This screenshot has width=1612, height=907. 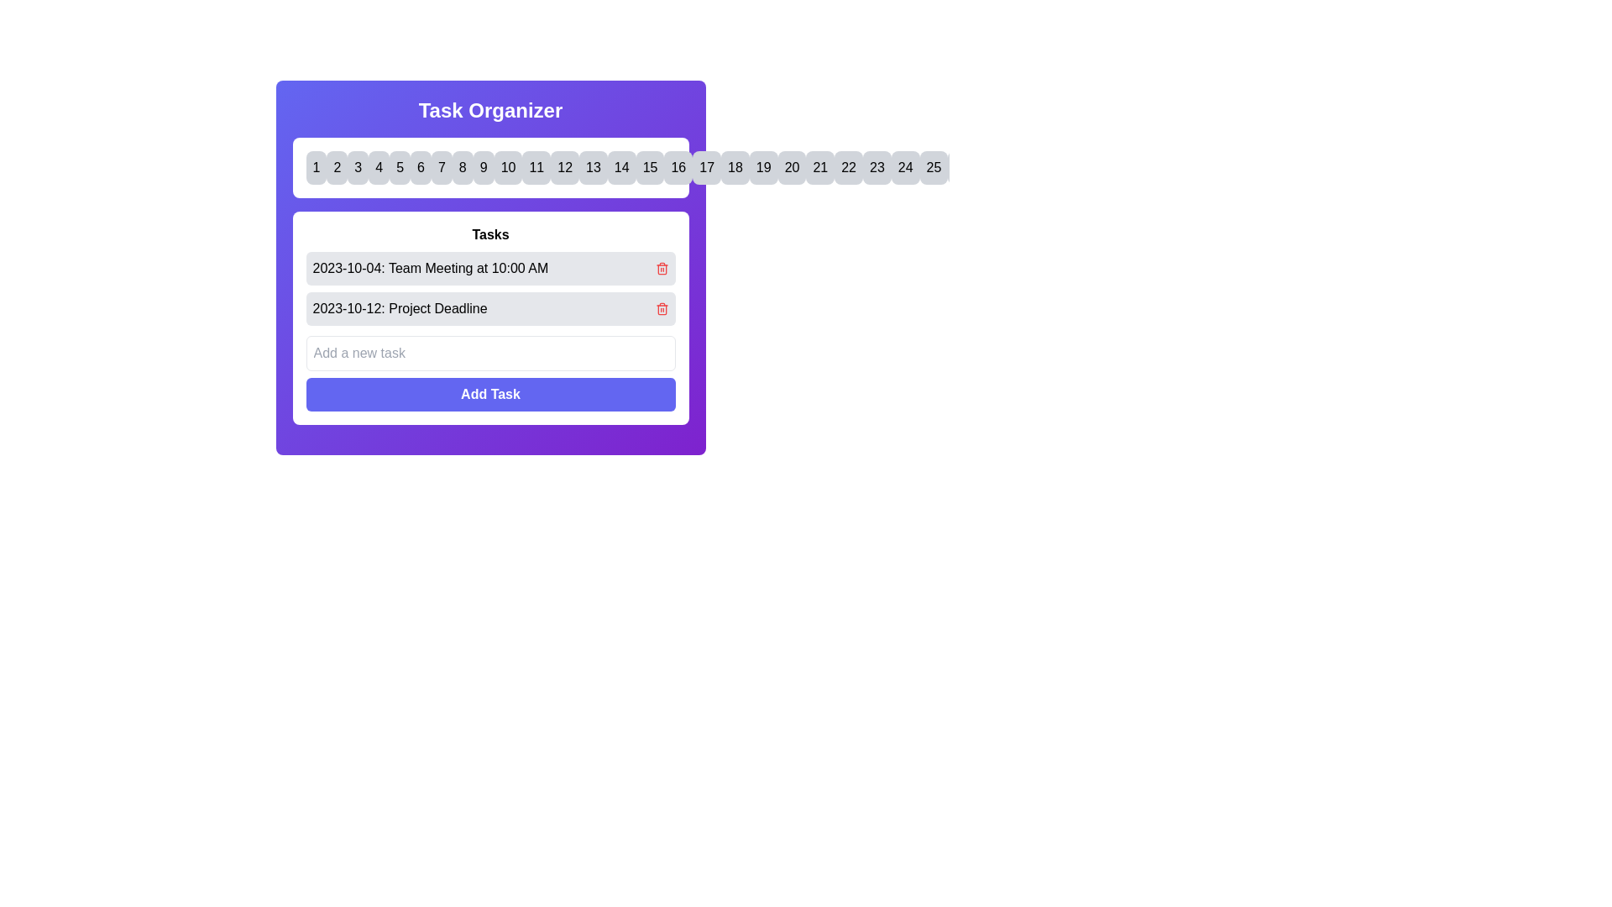 I want to click on the 16th button, so click(x=678, y=168).